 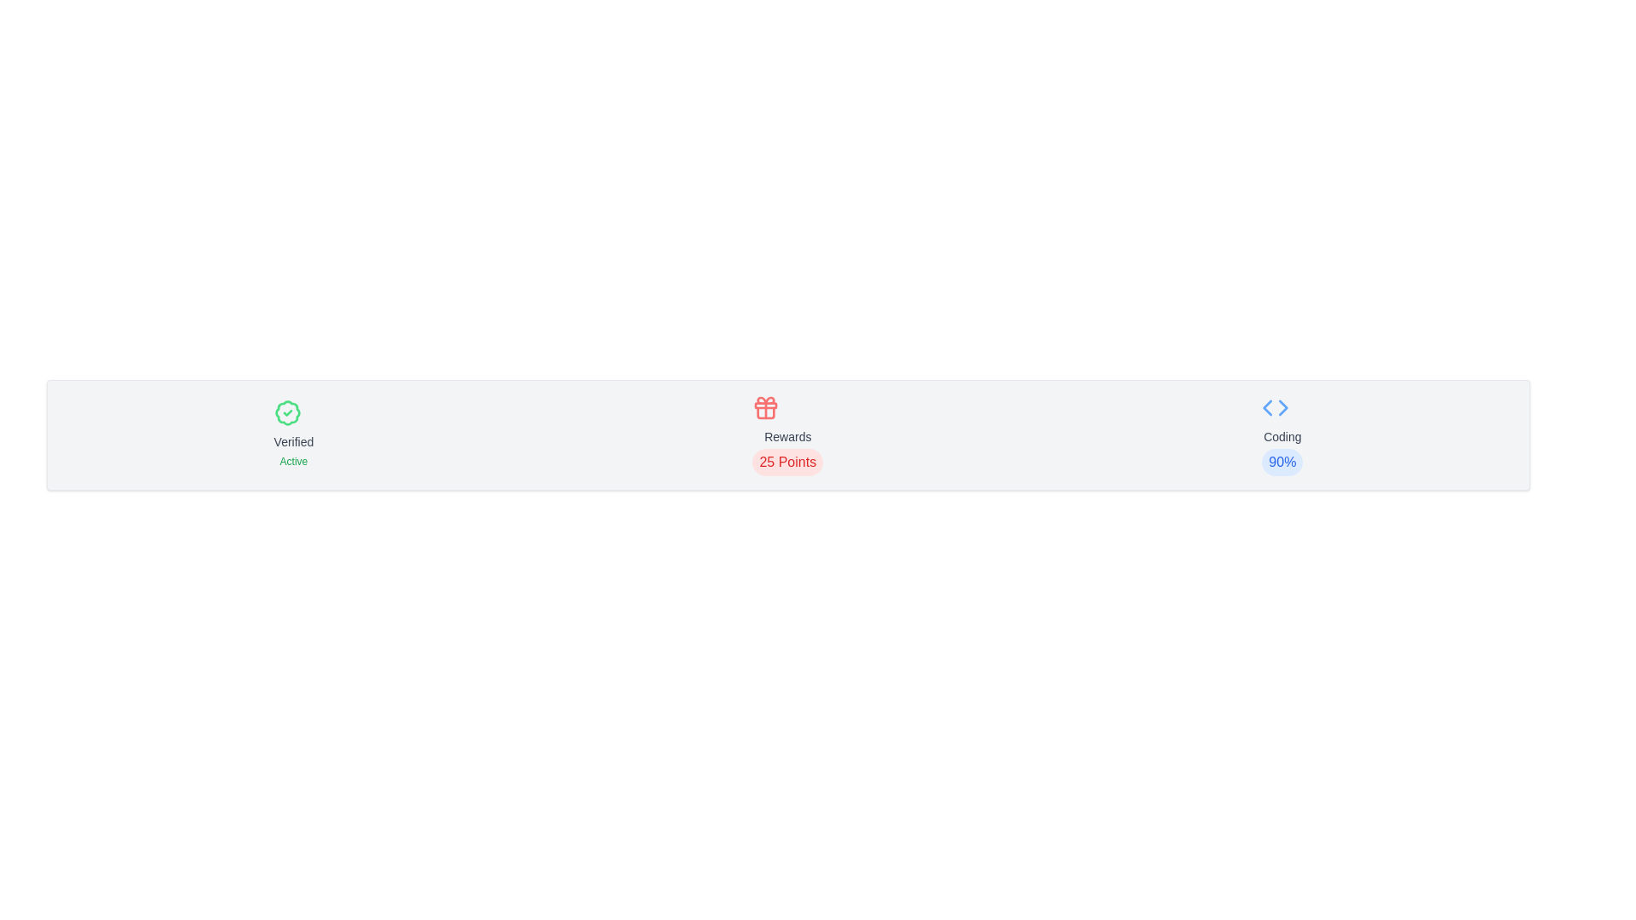 I want to click on the reward status display element indicating '25 Points' available, which is the second element from the left in the horizontally laid-out card, so click(x=786, y=434).